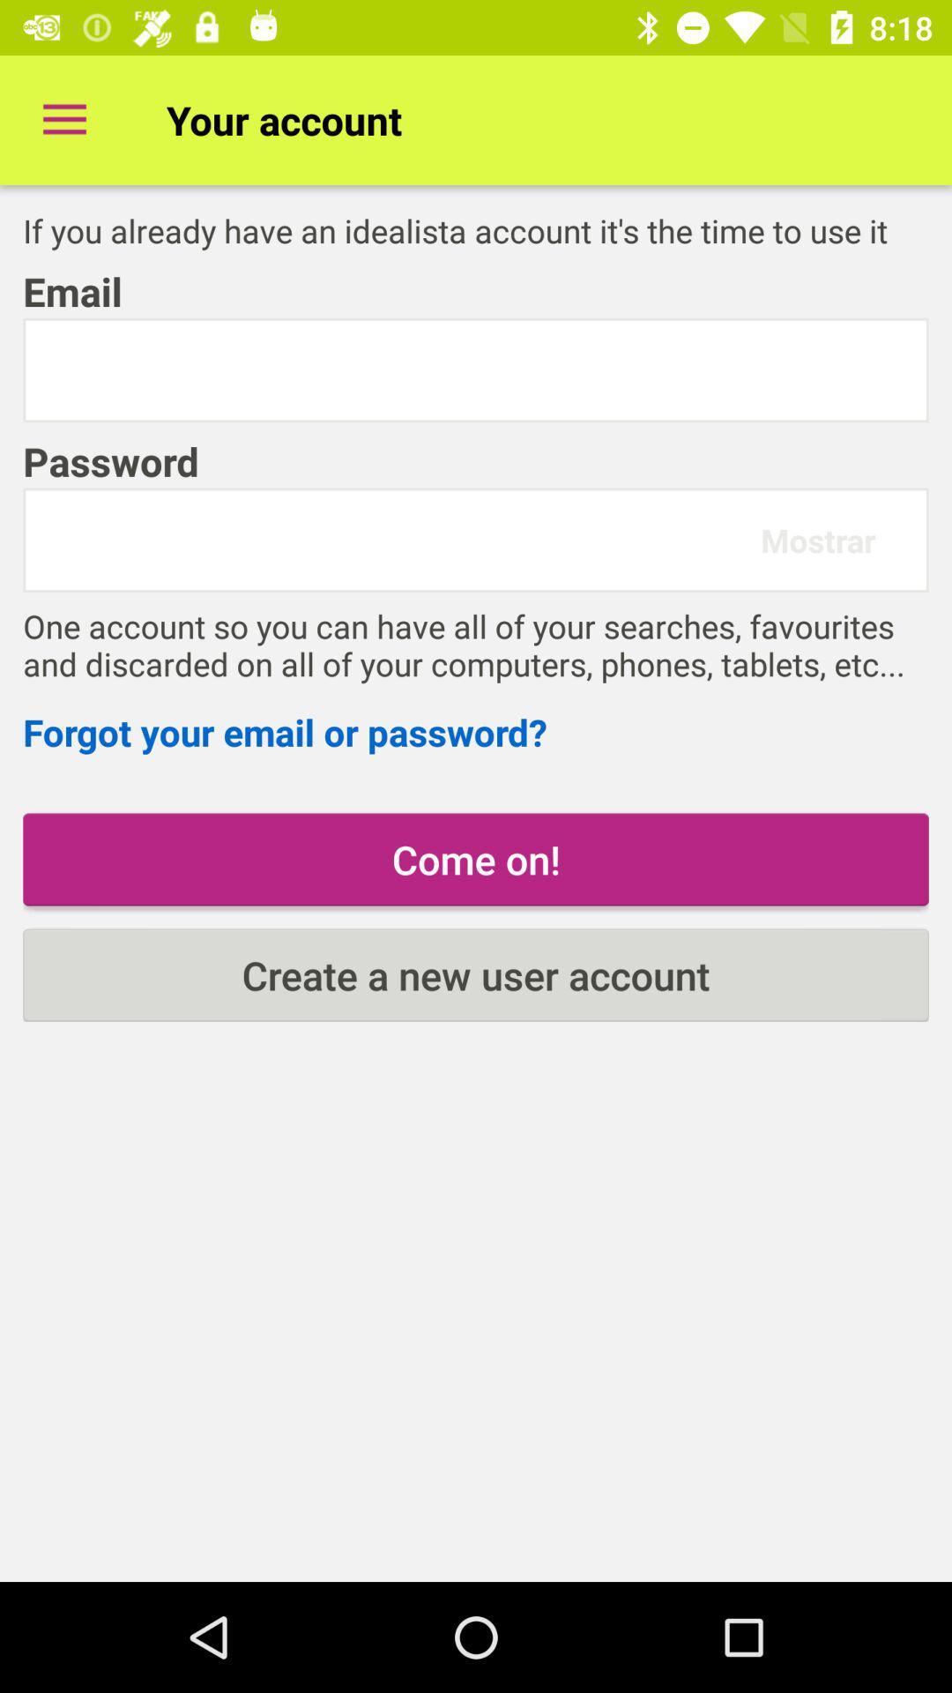 Image resolution: width=952 pixels, height=1693 pixels. I want to click on the icon next to your account item, so click(63, 119).